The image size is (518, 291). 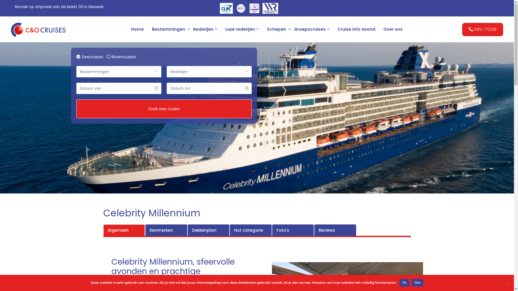 What do you see at coordinates (314, 230) in the screenshot?
I see `'Reviews'` at bounding box center [314, 230].